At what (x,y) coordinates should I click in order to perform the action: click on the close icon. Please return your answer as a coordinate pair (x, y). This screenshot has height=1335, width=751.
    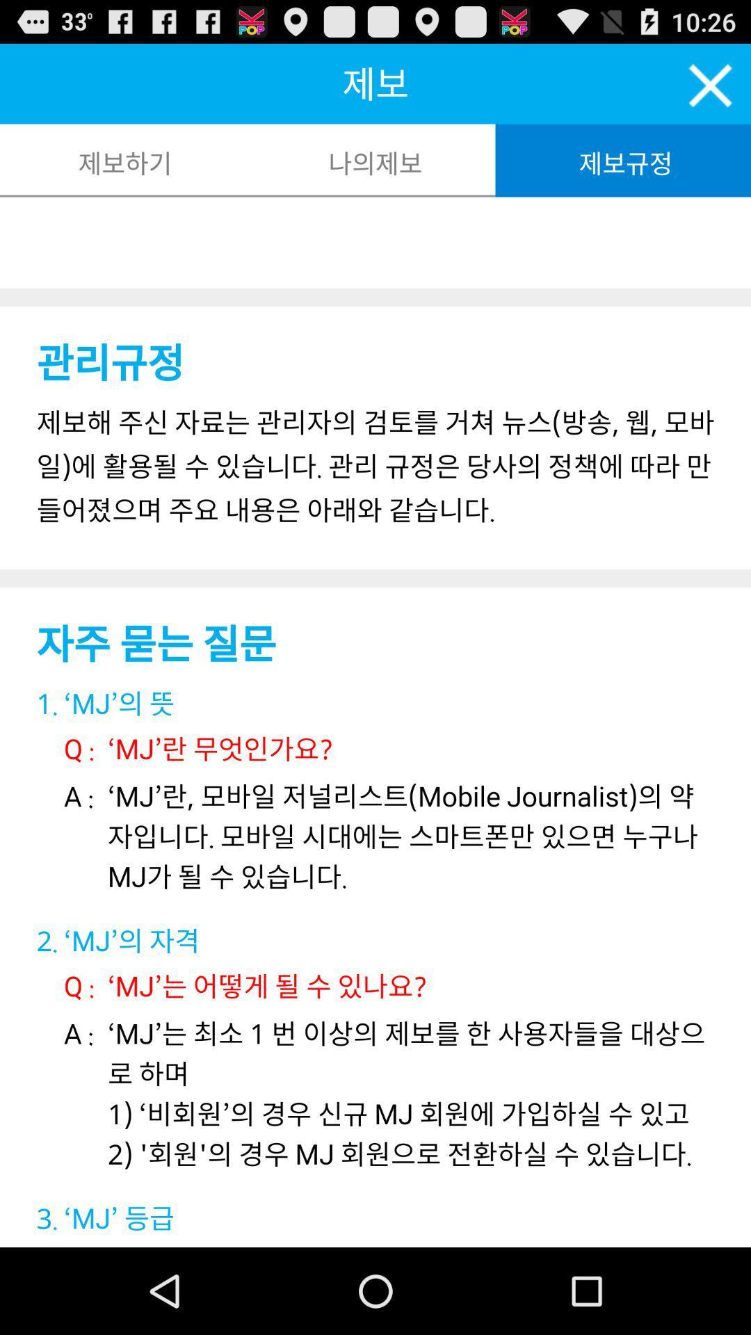
    Looking at the image, I should click on (711, 91).